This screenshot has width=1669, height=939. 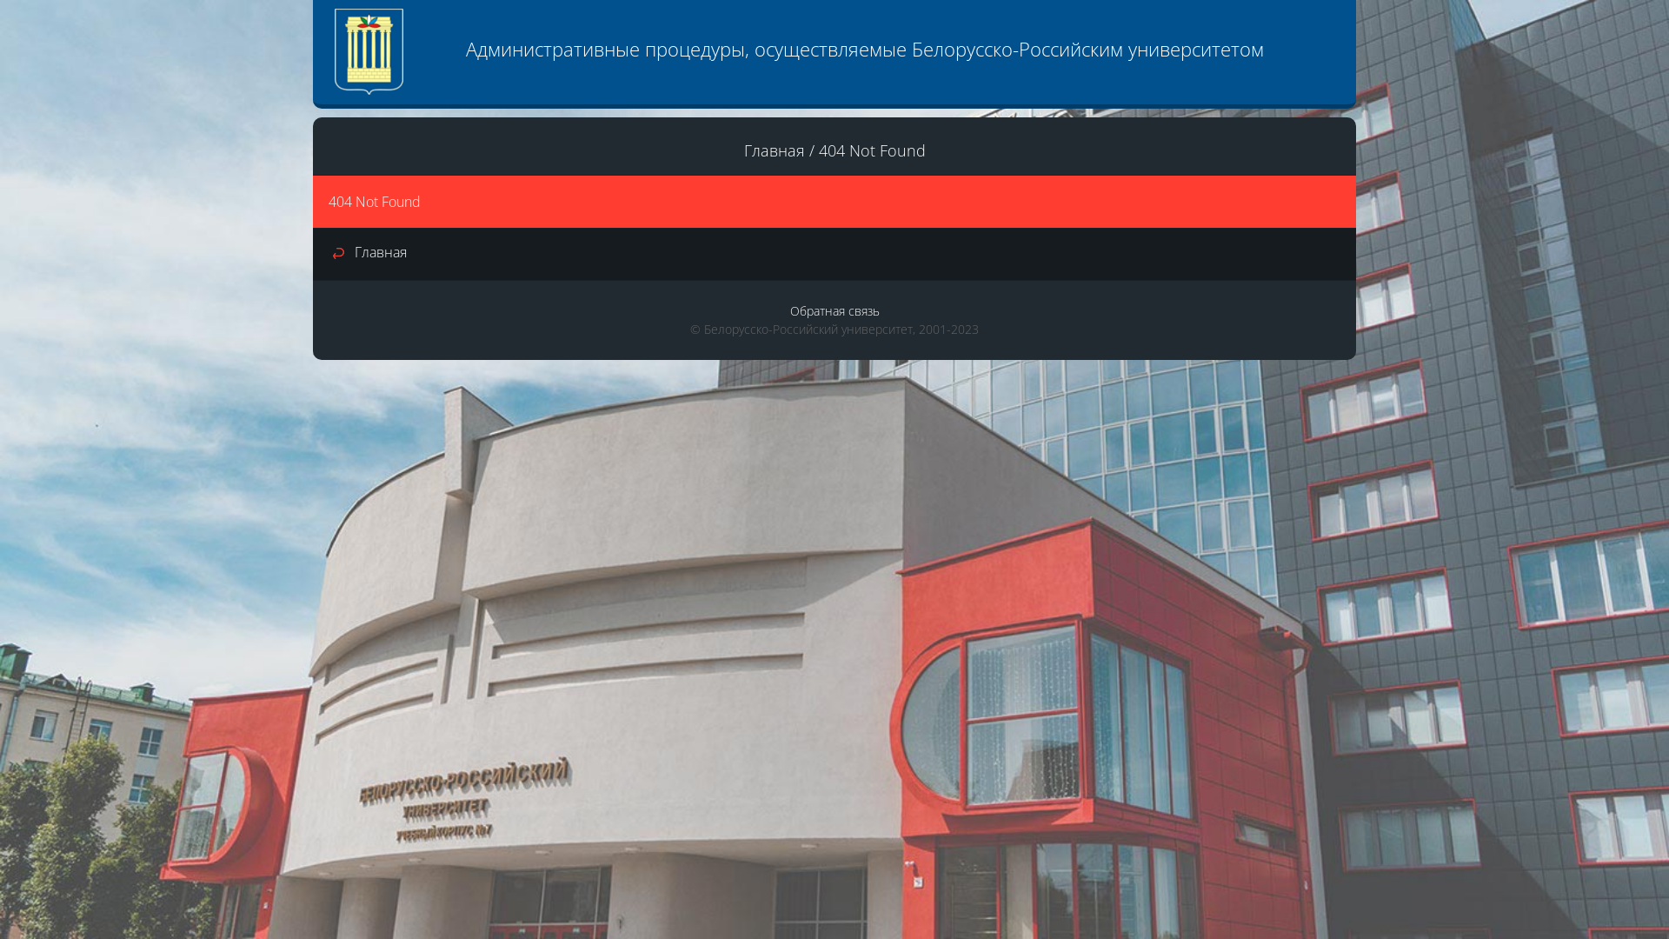 I want to click on '404 Not Found', so click(x=817, y=150).